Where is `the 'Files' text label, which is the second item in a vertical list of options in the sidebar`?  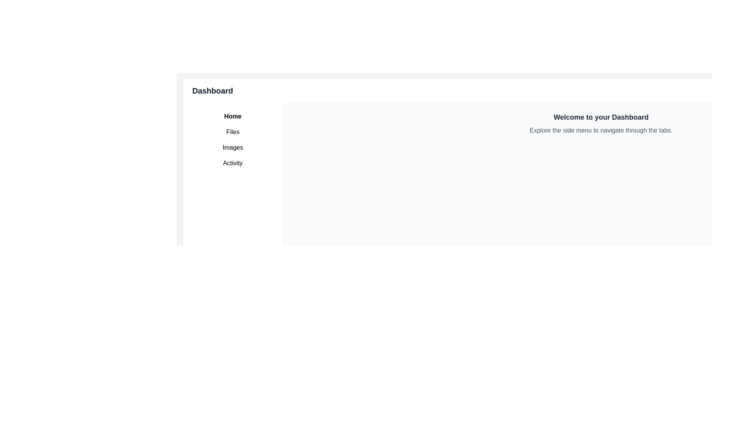 the 'Files' text label, which is the second item in a vertical list of options in the sidebar is located at coordinates (232, 132).